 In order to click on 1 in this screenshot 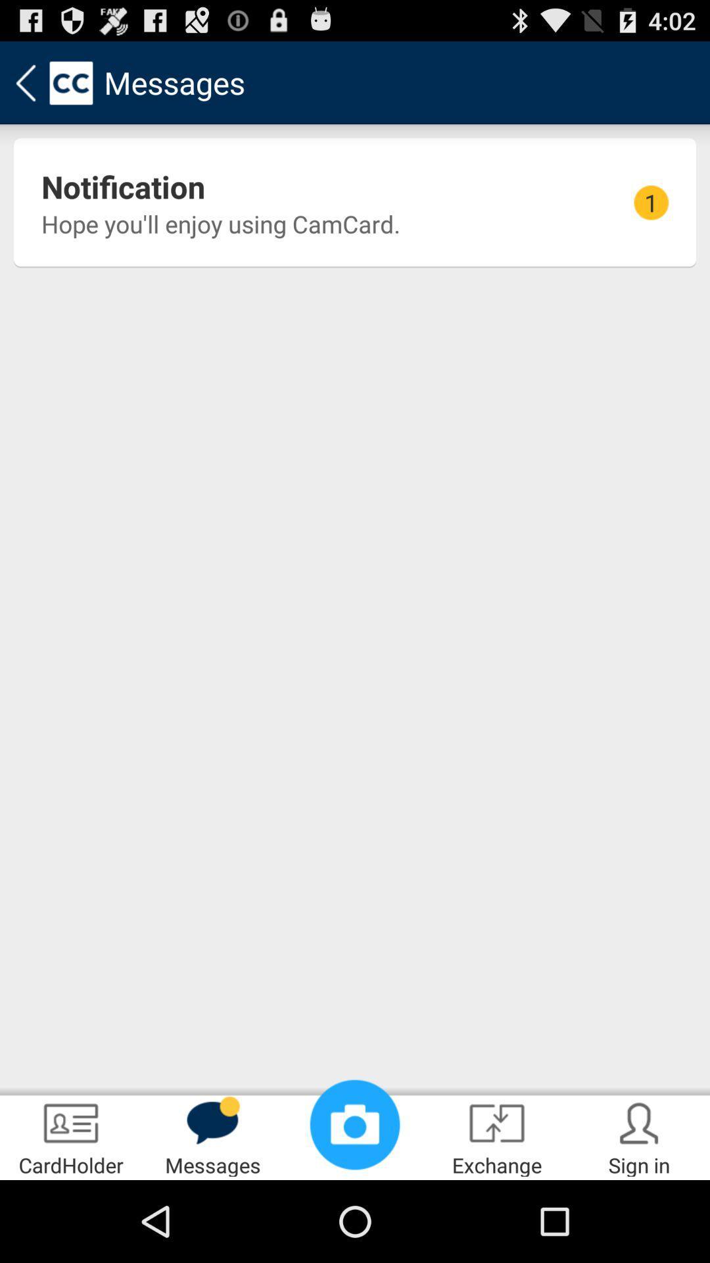, I will do `click(651, 202)`.